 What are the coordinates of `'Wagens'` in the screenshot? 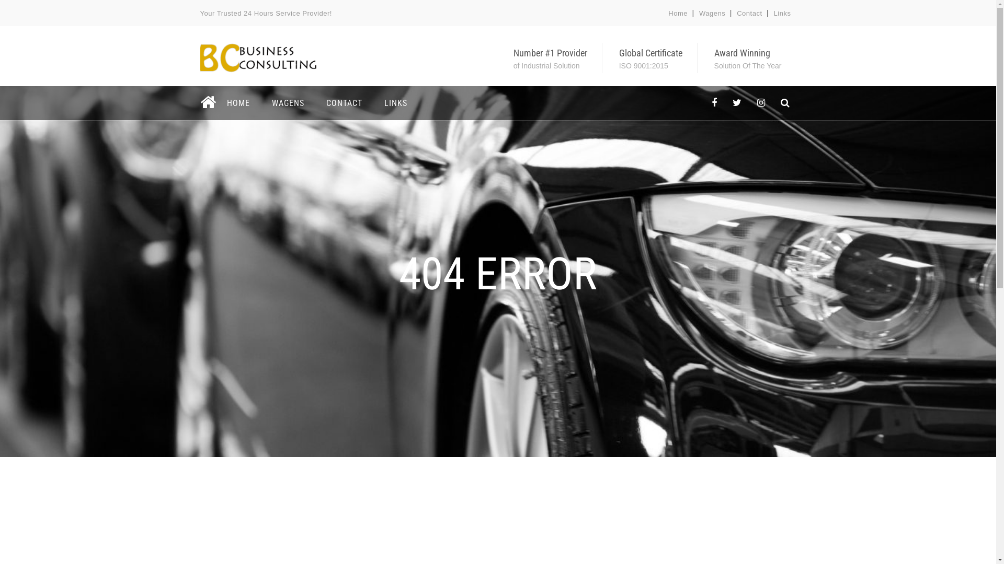 It's located at (712, 13).